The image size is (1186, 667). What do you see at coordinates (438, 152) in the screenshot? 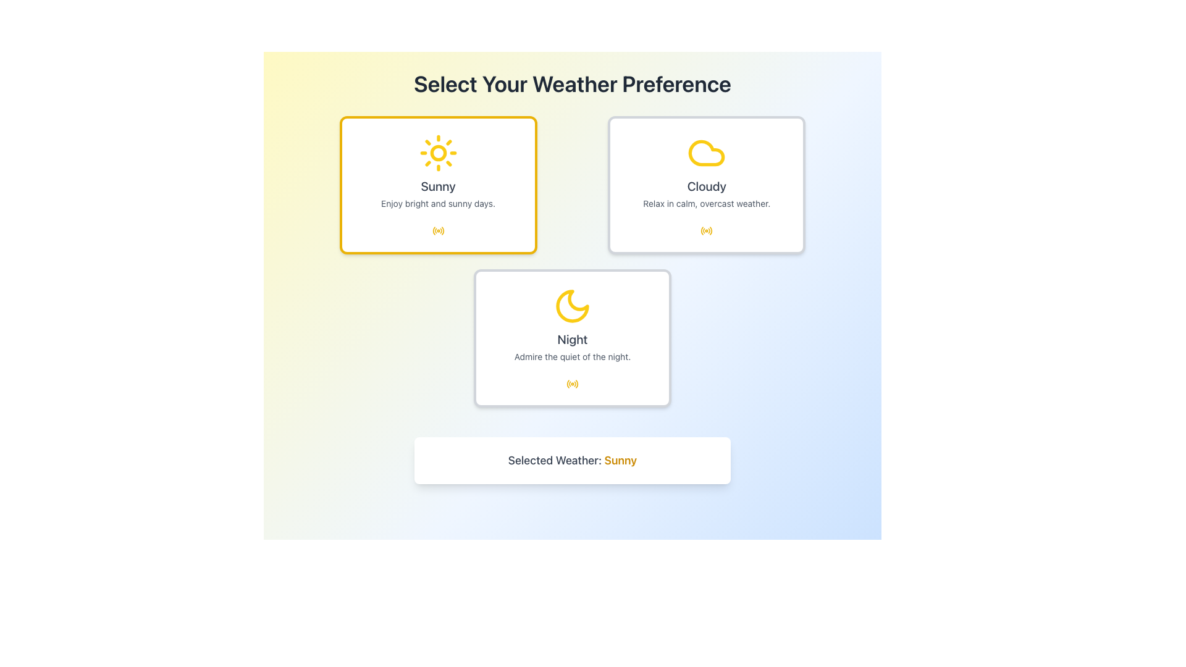
I see `the decorative SVG circle component at the center of the sun icon within the 'Sunny' card` at bounding box center [438, 152].